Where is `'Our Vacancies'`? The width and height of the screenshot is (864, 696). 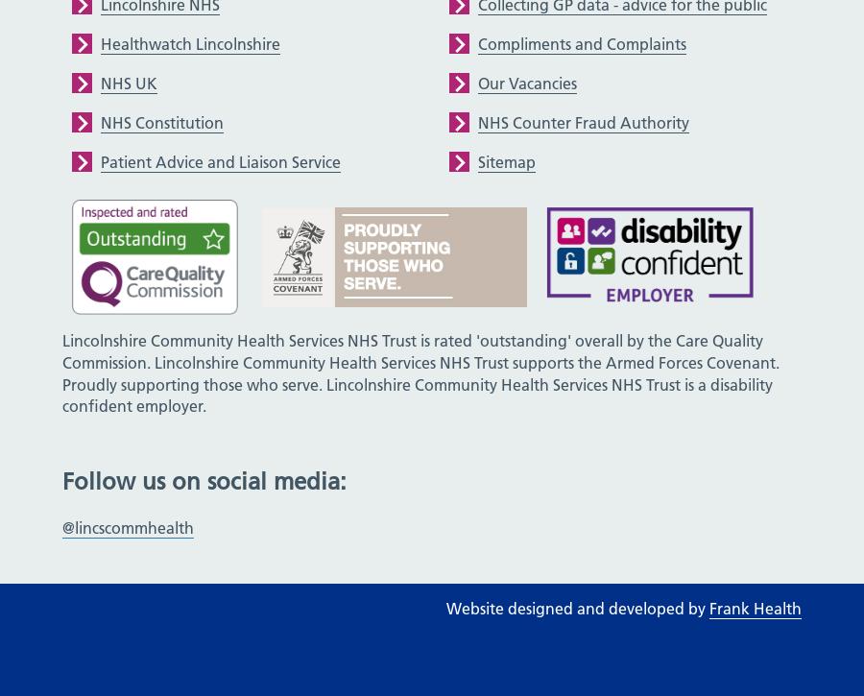
'Our Vacancies' is located at coordinates (526, 82).